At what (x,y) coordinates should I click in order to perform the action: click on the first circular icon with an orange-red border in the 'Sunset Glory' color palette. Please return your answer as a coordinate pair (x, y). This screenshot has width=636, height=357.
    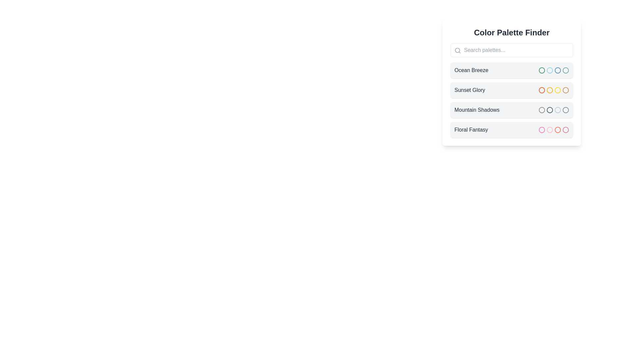
    Looking at the image, I should click on (542, 90).